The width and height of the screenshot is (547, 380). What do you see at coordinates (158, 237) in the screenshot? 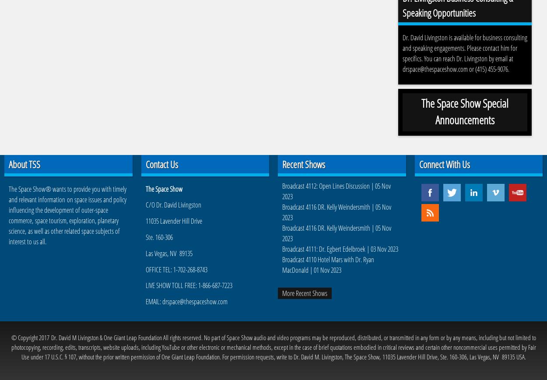
I see `'Ste. 160-306'` at bounding box center [158, 237].